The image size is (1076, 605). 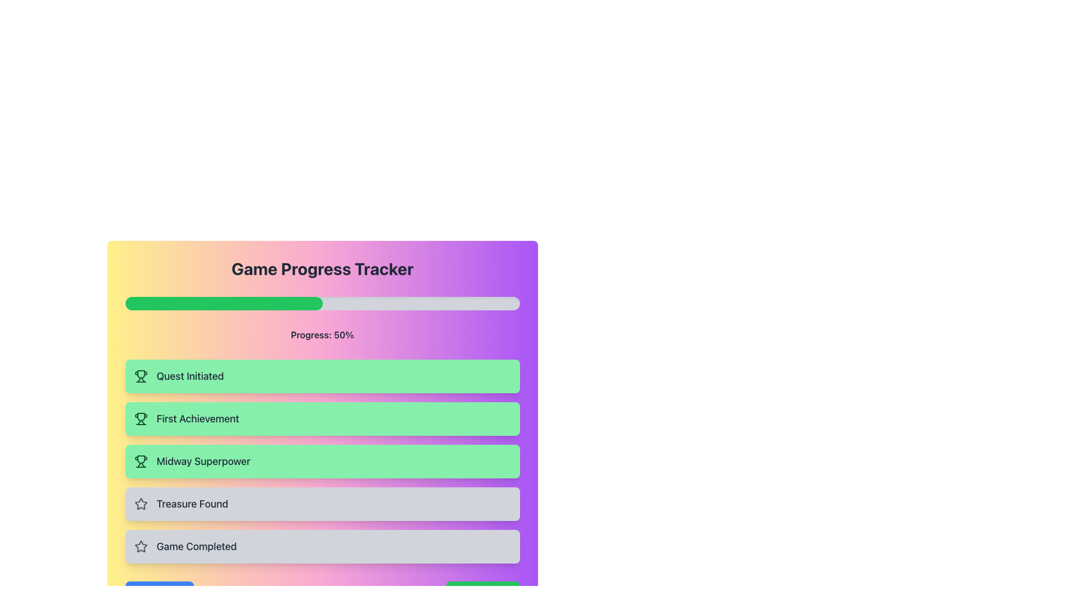 I want to click on the greenish trophy base icon of the 'Quest Initiated' achievement, so click(x=140, y=374).